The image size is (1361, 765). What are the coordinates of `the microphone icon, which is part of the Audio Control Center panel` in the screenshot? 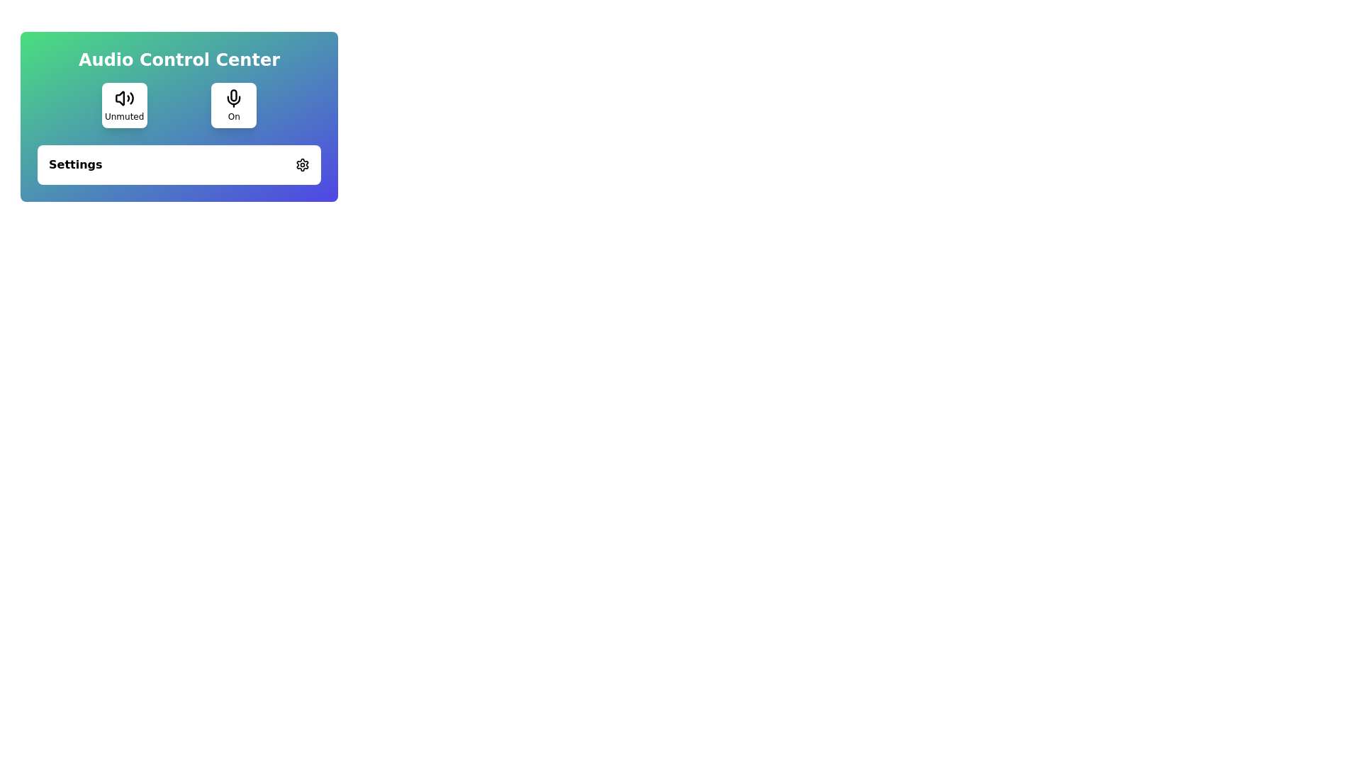 It's located at (234, 97).